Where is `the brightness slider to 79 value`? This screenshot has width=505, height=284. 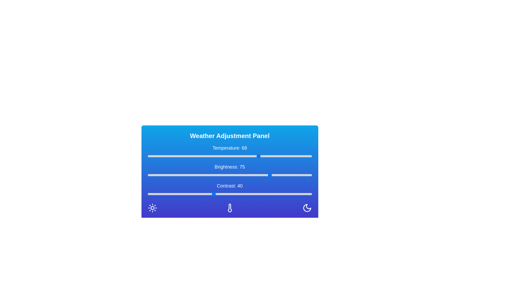 the brightness slider to 79 value is located at coordinates (277, 175).